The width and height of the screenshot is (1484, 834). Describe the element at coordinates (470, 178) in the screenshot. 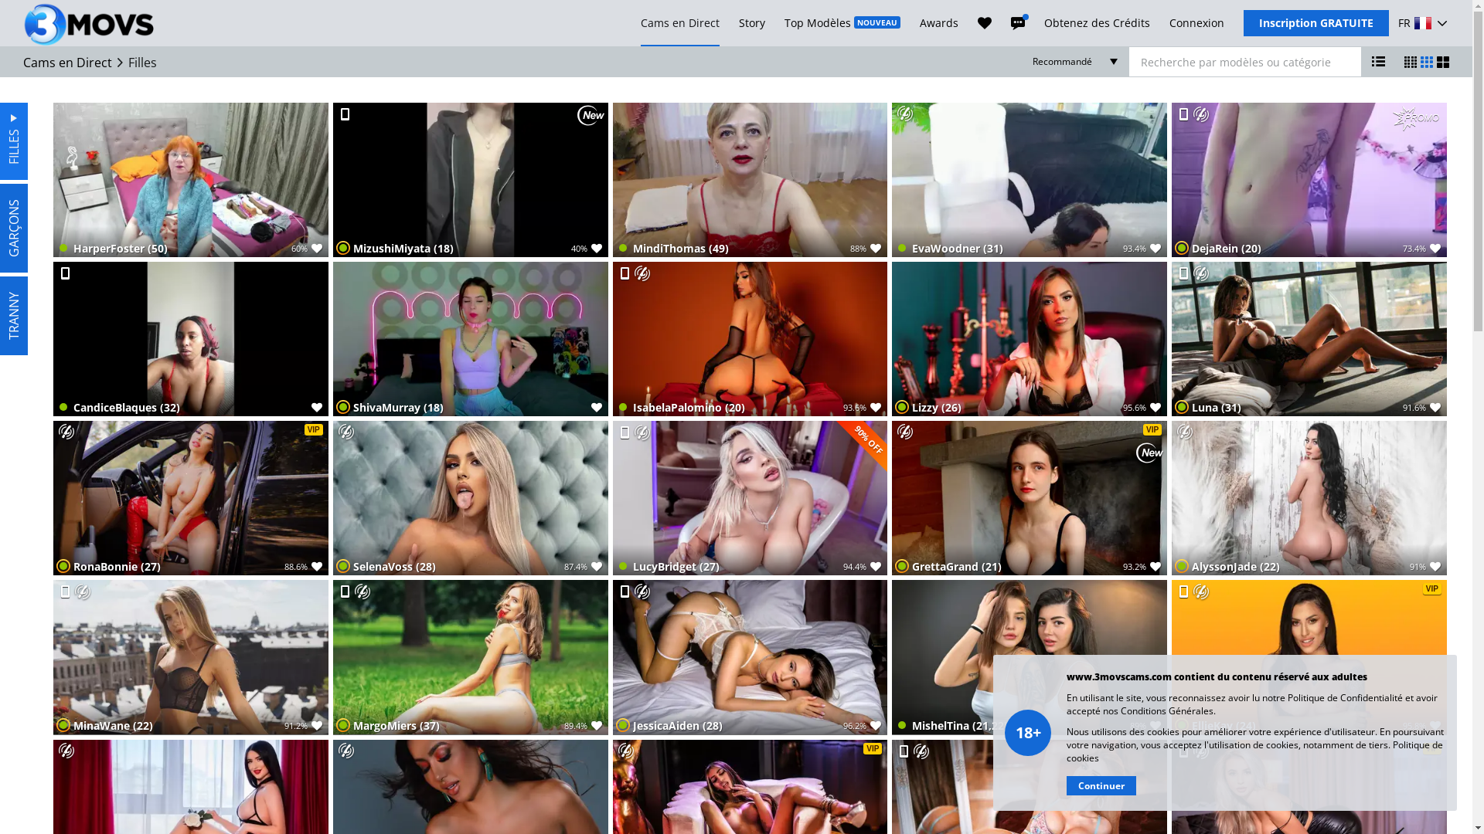

I see `'MizushiMiyata (18)` at that location.